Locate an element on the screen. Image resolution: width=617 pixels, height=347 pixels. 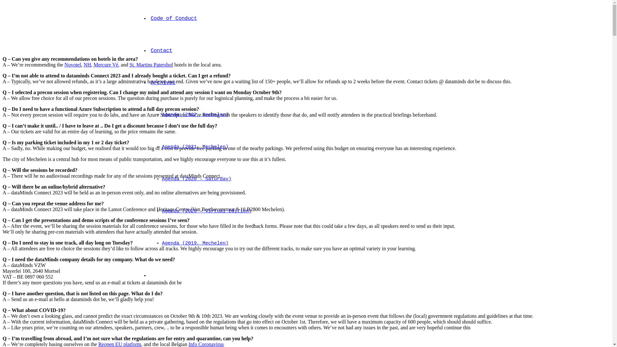
'St. Martins Patershof' is located at coordinates (151, 65).